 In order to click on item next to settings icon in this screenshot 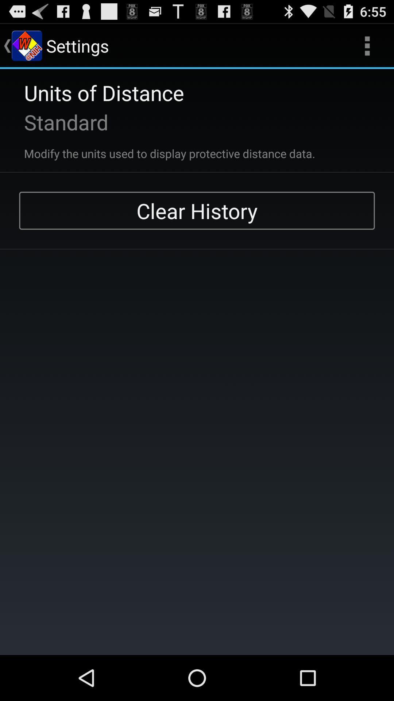, I will do `click(367, 45)`.